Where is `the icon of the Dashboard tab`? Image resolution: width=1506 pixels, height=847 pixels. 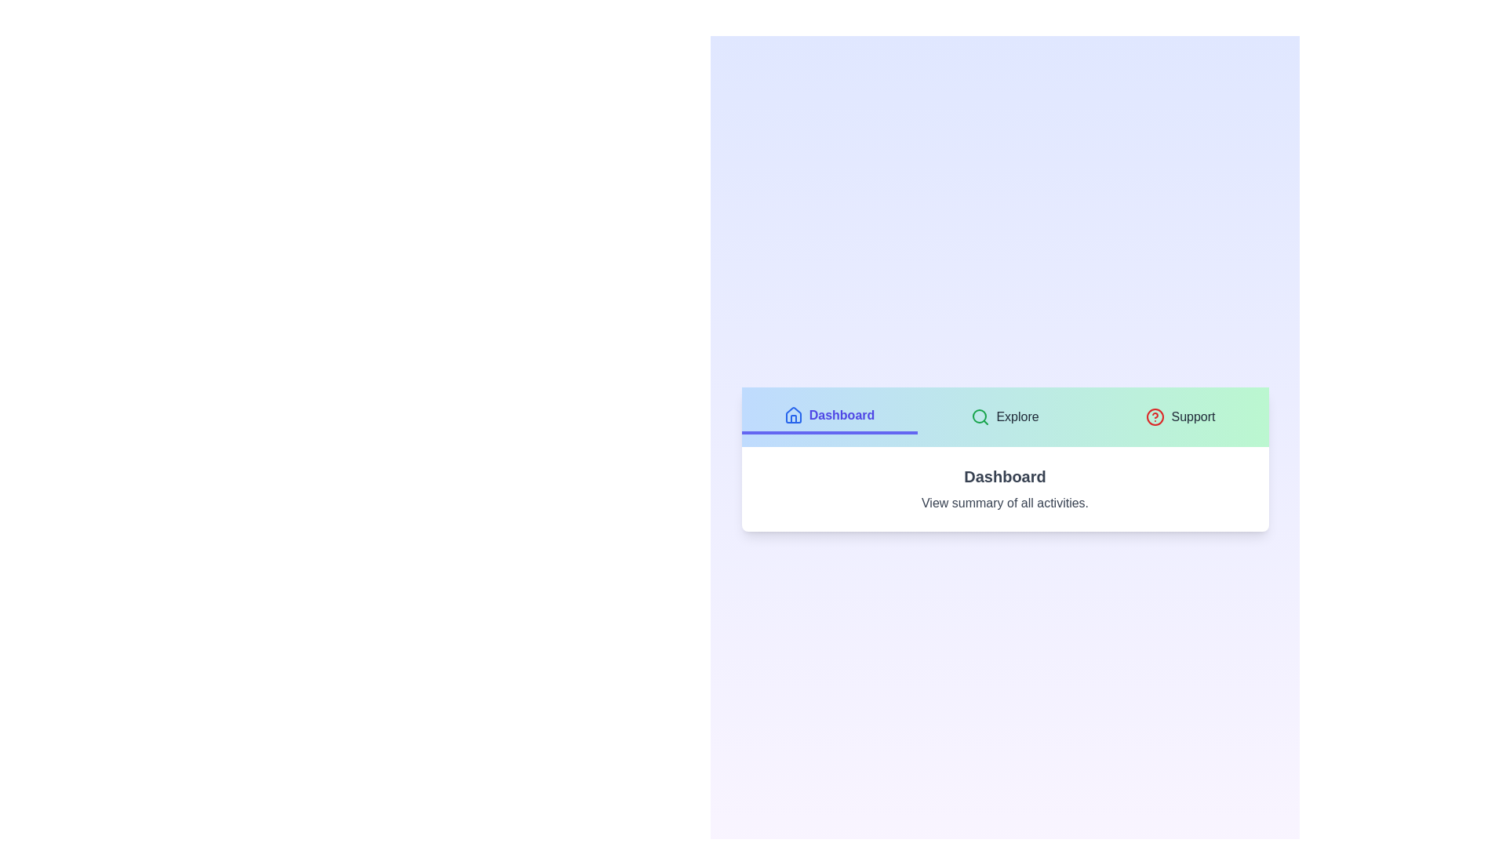 the icon of the Dashboard tab is located at coordinates (793, 414).